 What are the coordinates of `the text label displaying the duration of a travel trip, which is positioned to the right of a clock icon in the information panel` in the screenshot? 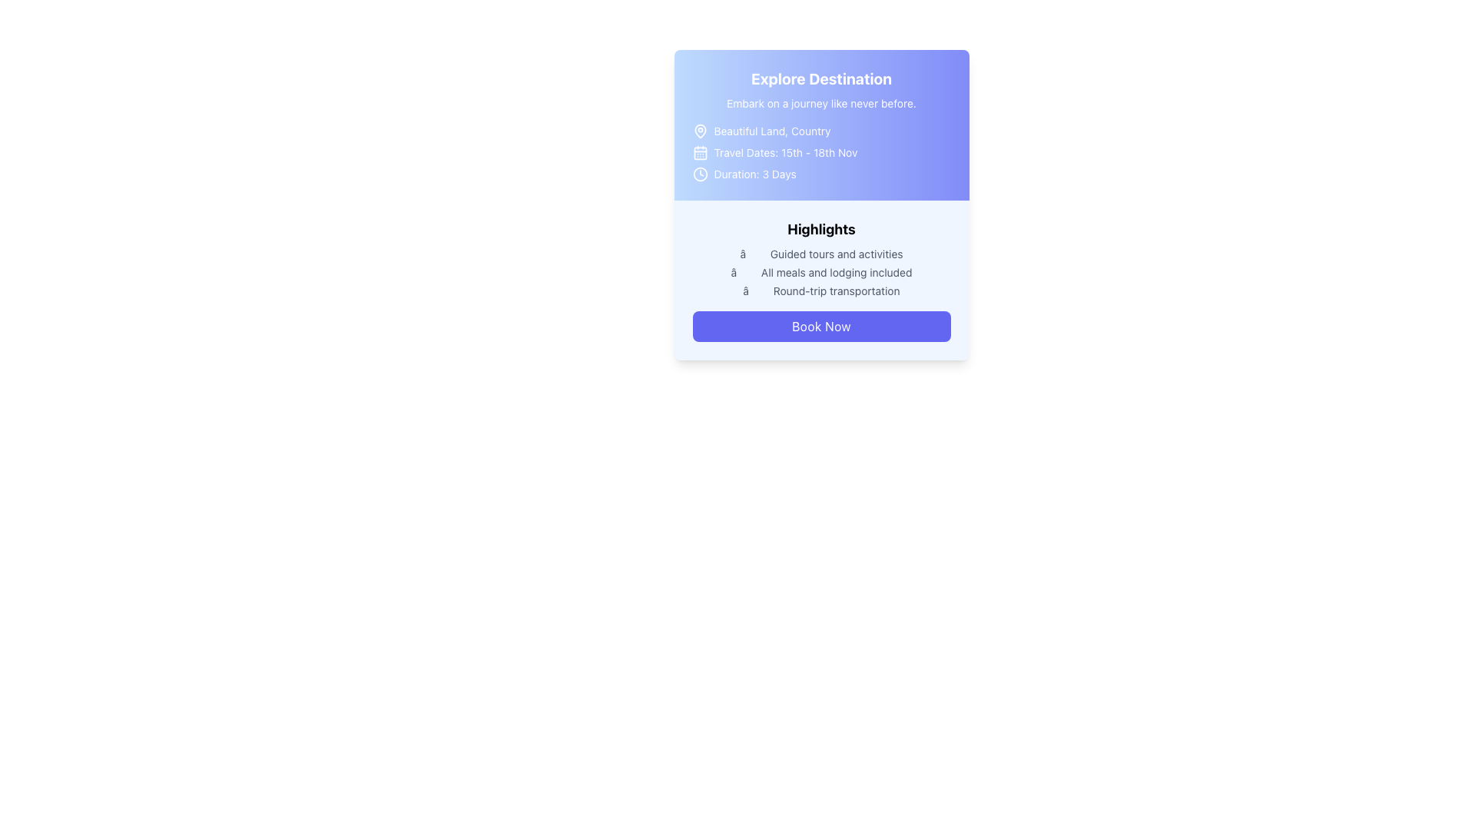 It's located at (755, 174).